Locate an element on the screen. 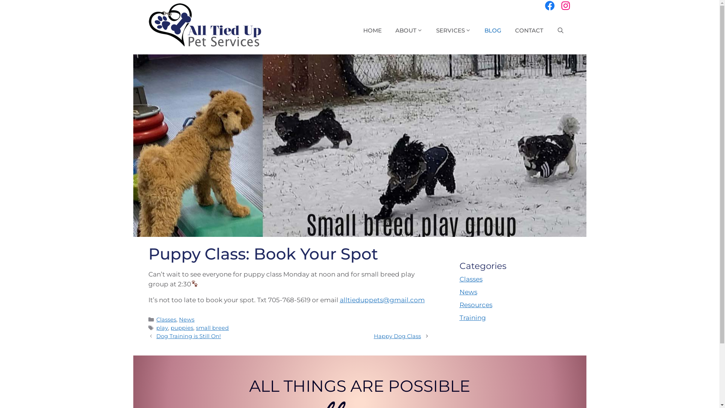 This screenshot has height=408, width=725. 'CONTACT' is located at coordinates (529, 30).